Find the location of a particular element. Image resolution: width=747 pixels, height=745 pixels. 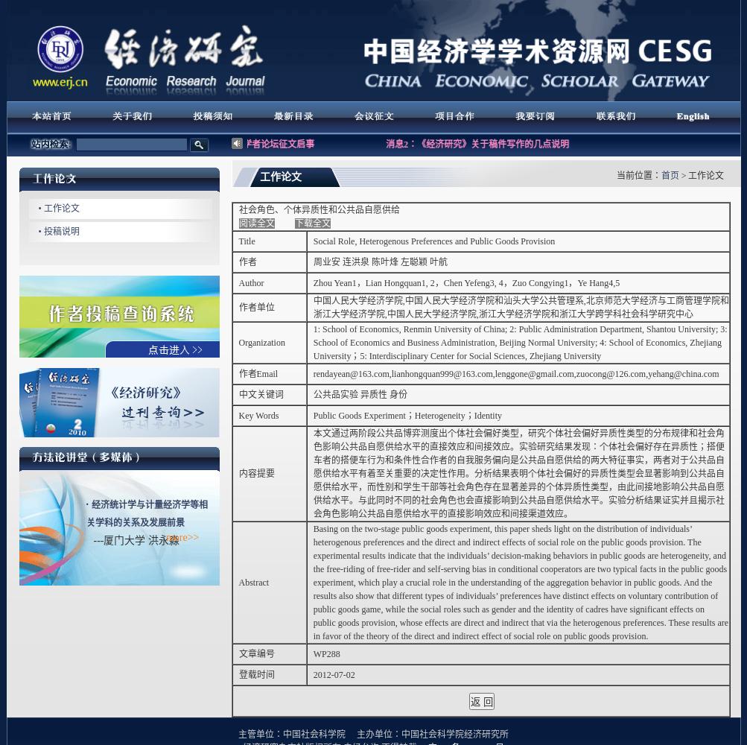

'Author' is located at coordinates (250, 283).